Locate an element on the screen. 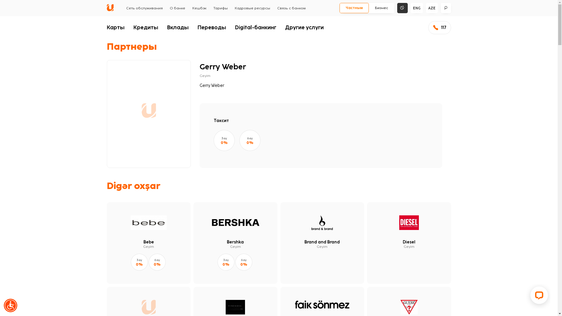  'ENG' is located at coordinates (416, 8).